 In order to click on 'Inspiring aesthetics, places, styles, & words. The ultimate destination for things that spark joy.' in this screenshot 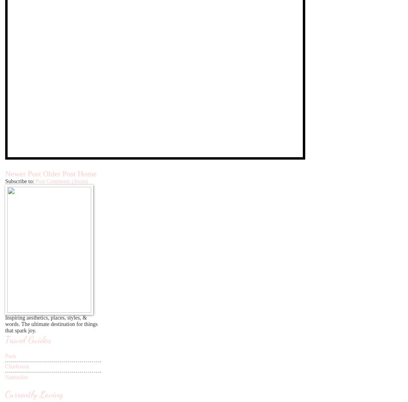, I will do `click(4, 324)`.